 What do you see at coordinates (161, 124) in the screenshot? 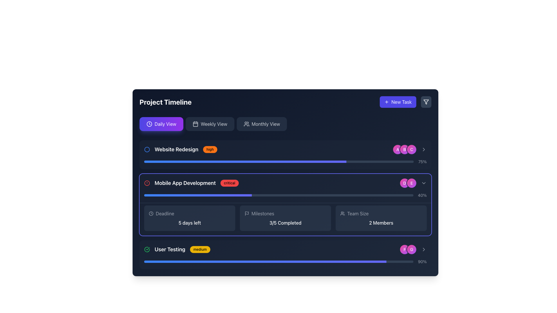
I see `the 'Daily View' button located beneath the 'Project Timeline' header` at bounding box center [161, 124].